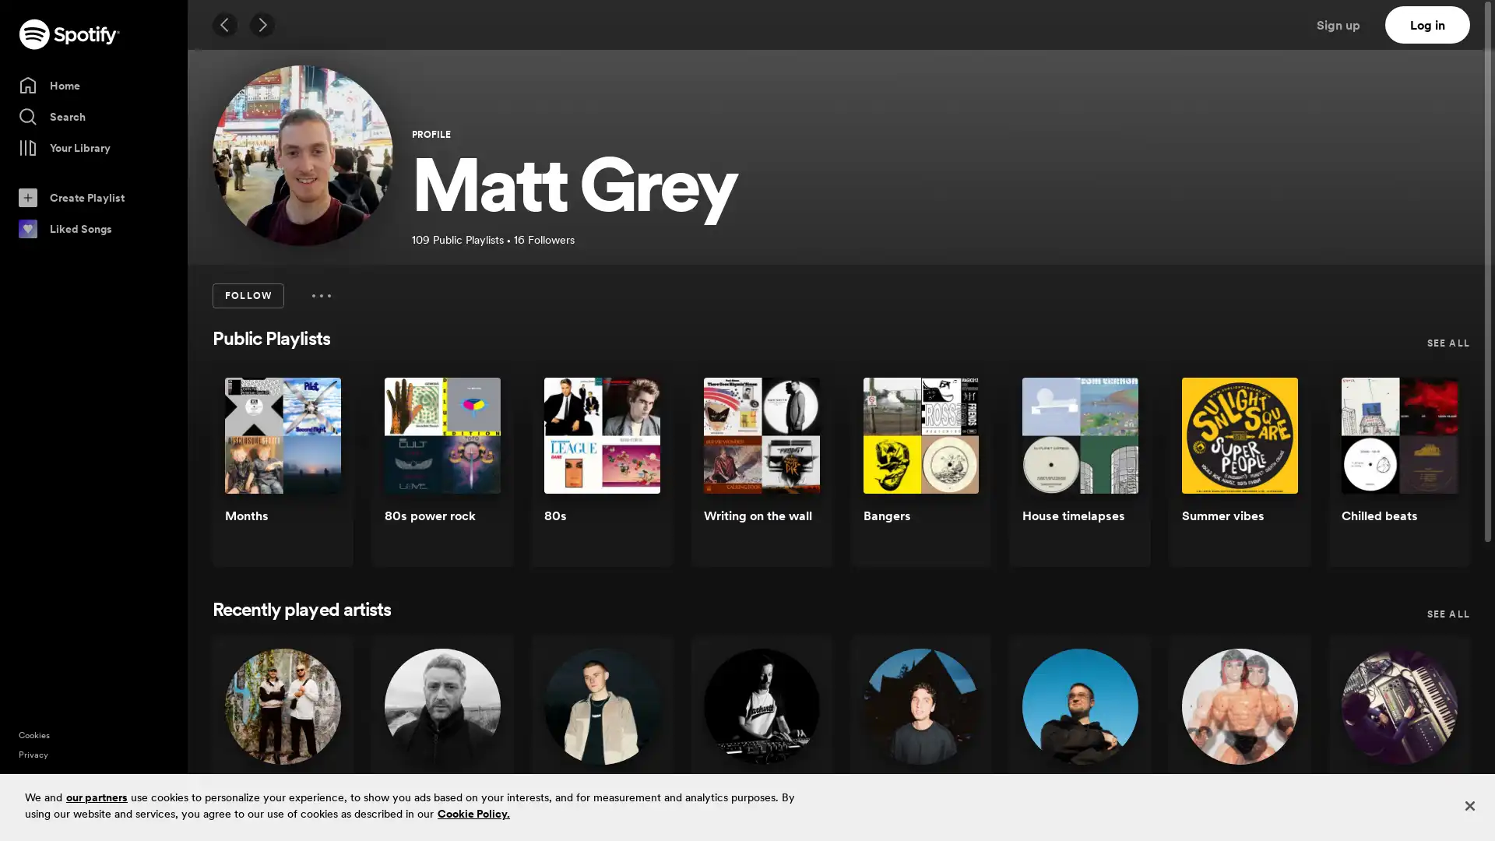 The width and height of the screenshot is (1495, 841). Describe the element at coordinates (1427, 24) in the screenshot. I see `Log in` at that location.